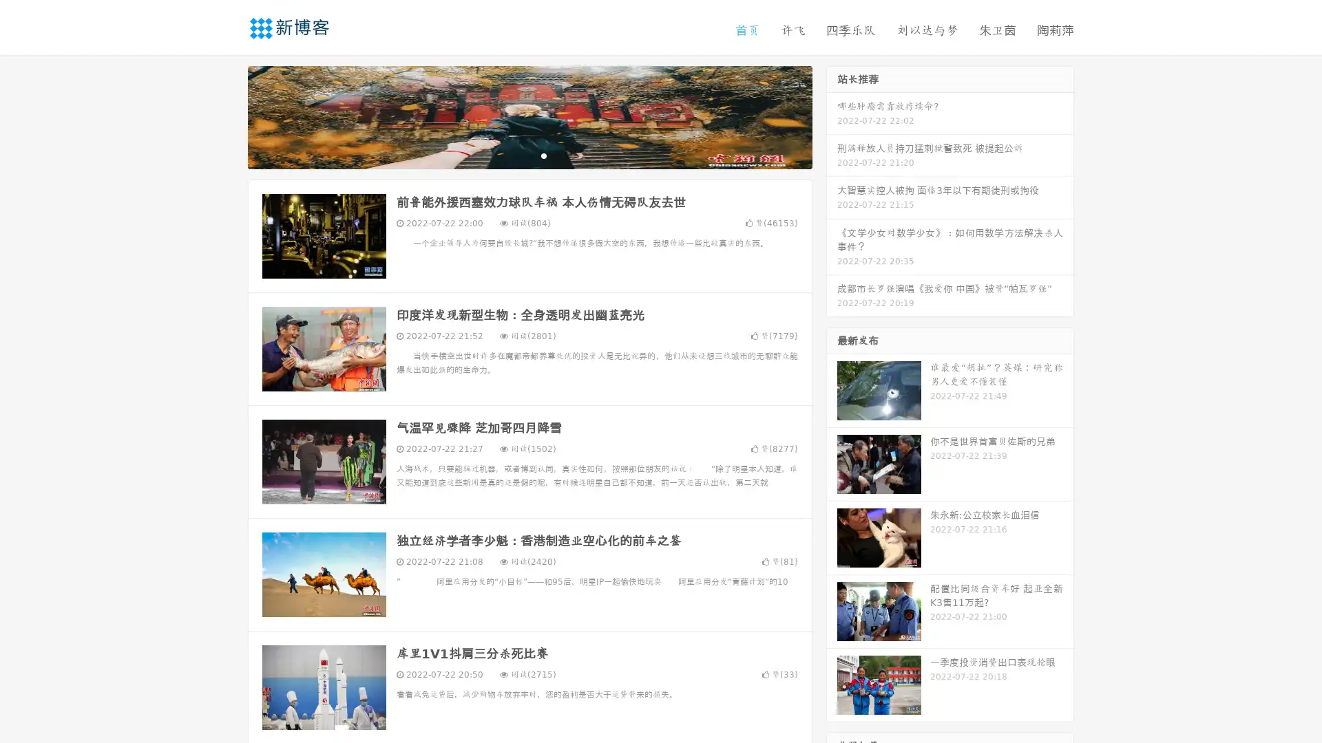 This screenshot has height=743, width=1322. Describe the element at coordinates (227, 116) in the screenshot. I see `Previous slide` at that location.